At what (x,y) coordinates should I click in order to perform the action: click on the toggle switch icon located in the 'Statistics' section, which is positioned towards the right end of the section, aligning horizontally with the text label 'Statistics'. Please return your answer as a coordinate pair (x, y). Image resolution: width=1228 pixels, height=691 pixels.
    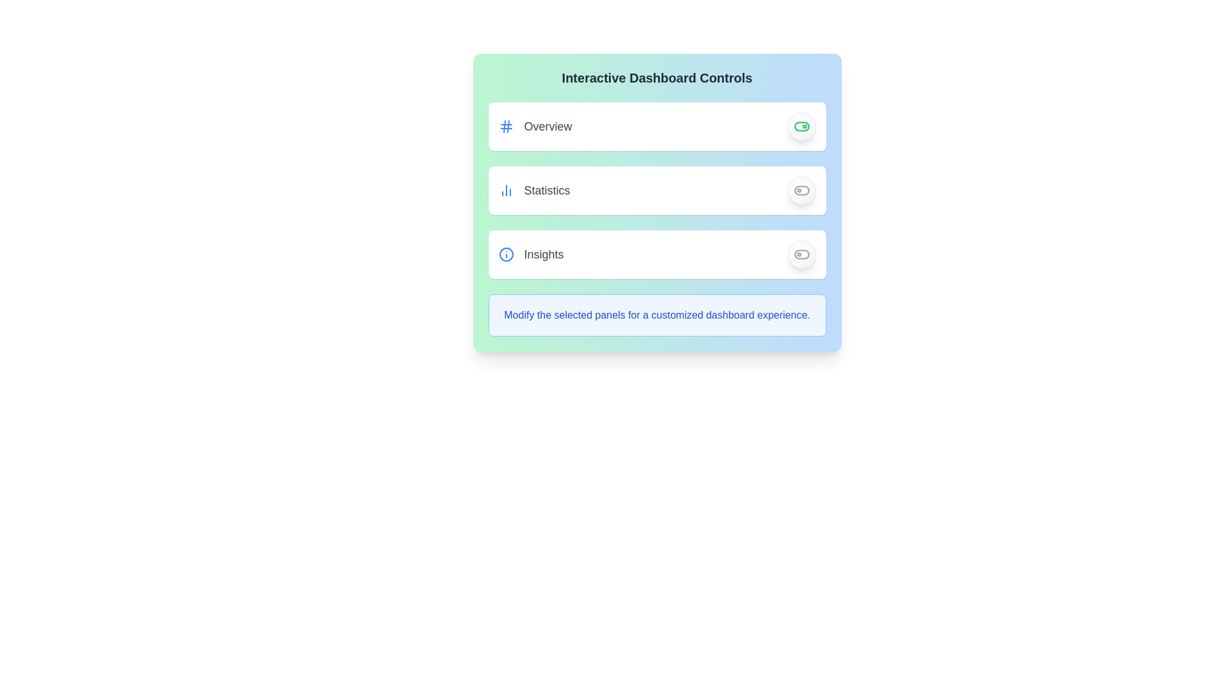
    Looking at the image, I should click on (801, 190).